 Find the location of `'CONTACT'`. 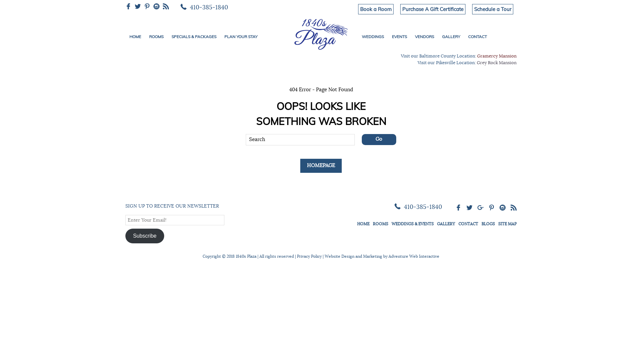

'CONTACT' is located at coordinates (477, 37).